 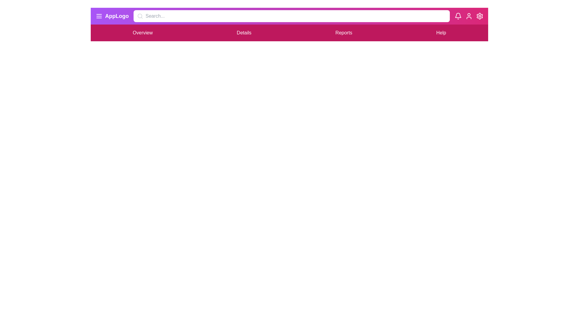 I want to click on the menu icon to open the navigation drawer, so click(x=99, y=16).